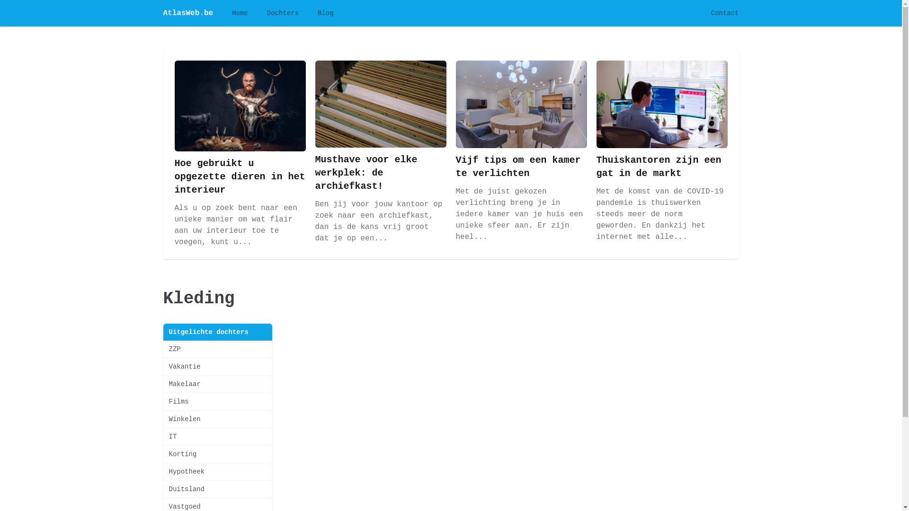 The image size is (909, 511). Describe the element at coordinates (318, 13) in the screenshot. I see `'Blog'` at that location.